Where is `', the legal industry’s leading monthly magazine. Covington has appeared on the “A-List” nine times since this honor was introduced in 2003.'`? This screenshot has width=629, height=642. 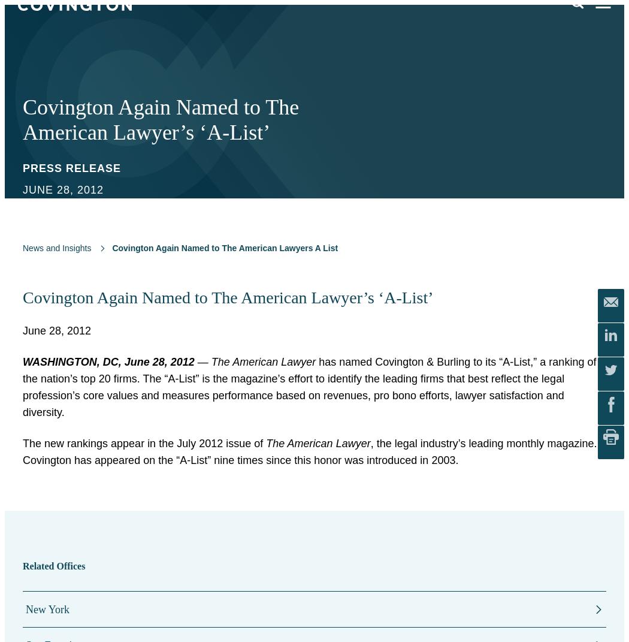 ', the legal industry’s leading monthly magazine. Covington has appeared on the “A-List” nine times since this honor was introduced in 2003.' is located at coordinates (309, 451).